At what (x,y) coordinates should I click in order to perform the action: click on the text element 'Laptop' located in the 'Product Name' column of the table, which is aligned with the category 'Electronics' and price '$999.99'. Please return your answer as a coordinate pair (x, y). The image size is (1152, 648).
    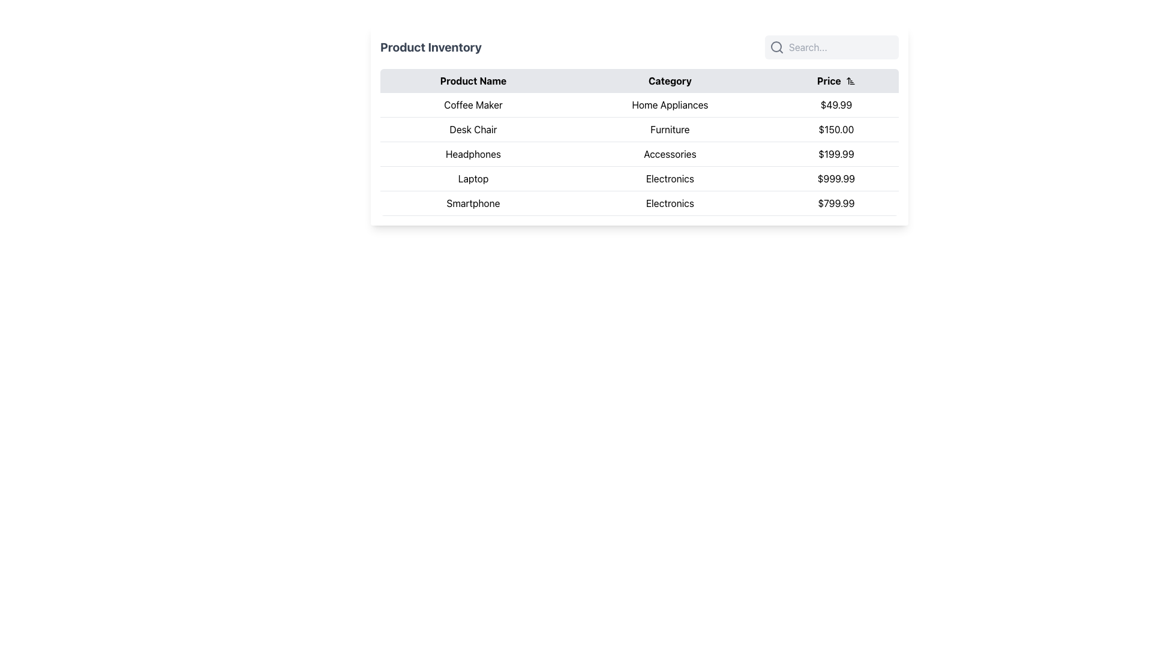
    Looking at the image, I should click on (472, 178).